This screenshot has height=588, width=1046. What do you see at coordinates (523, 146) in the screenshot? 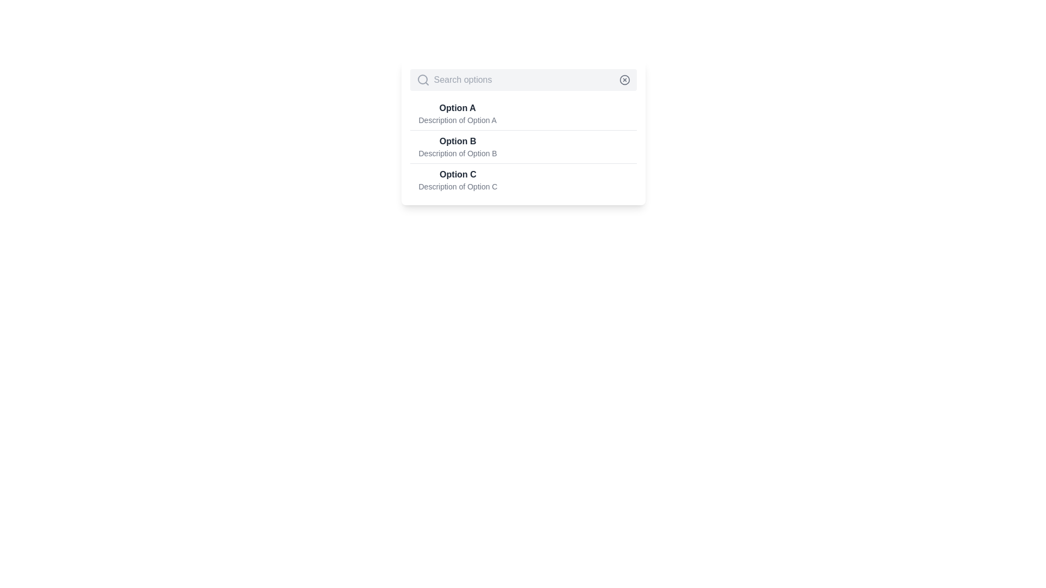
I see `the selectable option 'Option B' in the list` at bounding box center [523, 146].